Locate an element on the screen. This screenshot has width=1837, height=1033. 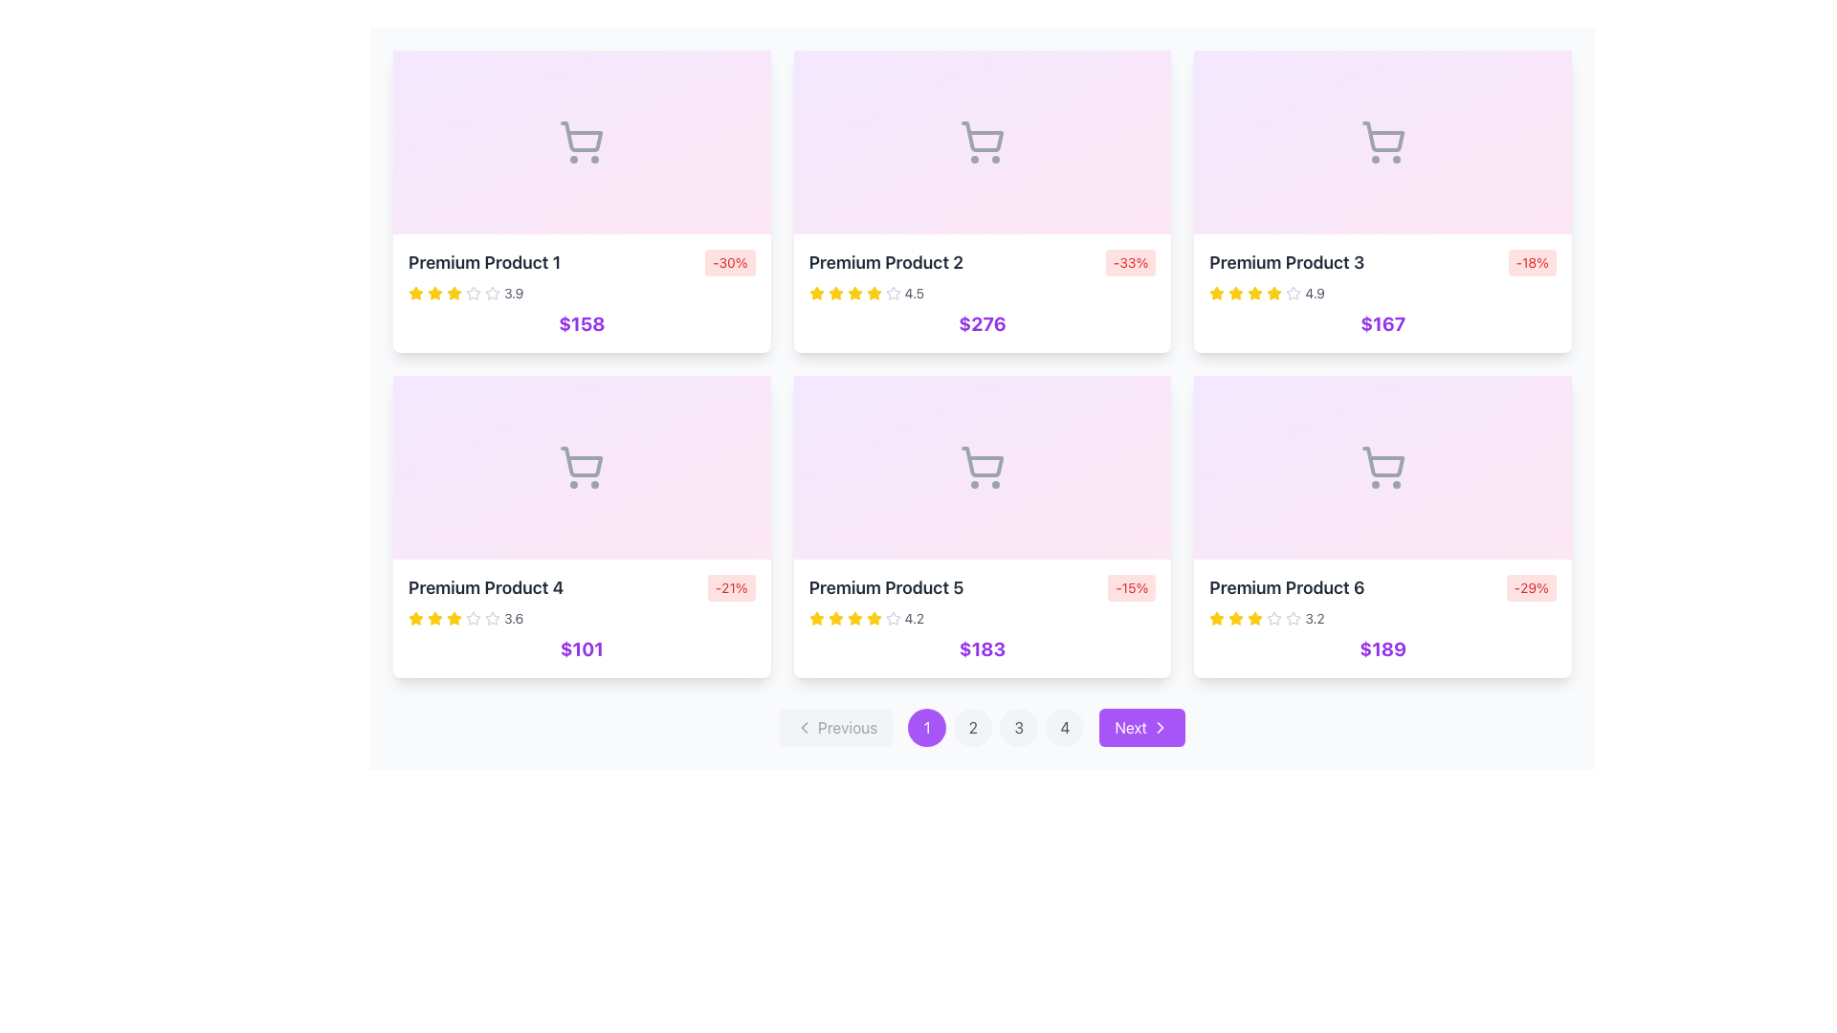
the yellow star-shaped icon representing the third star in the rating row for 'Premium Product 3' to get details about the rating is located at coordinates (1236, 293).